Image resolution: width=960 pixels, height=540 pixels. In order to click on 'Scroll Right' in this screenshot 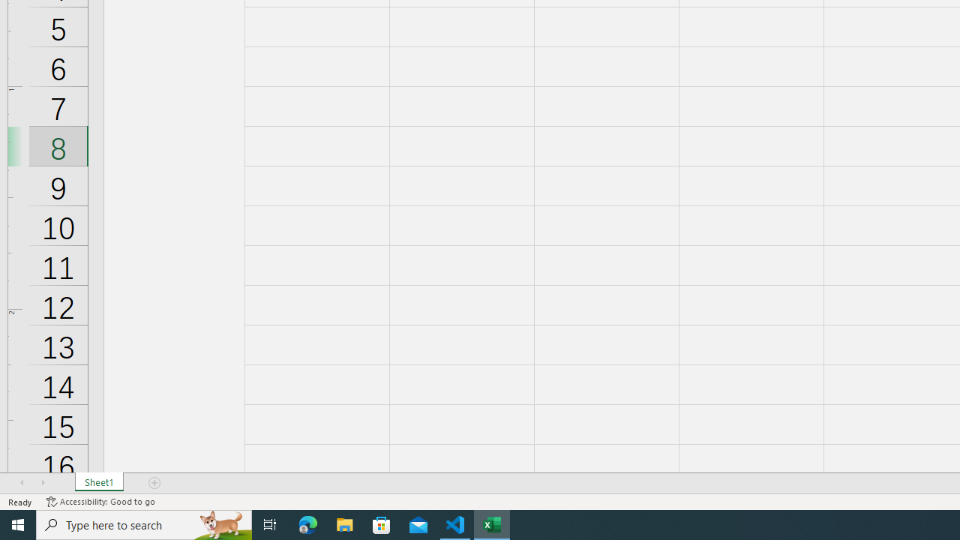, I will do `click(43, 483)`.